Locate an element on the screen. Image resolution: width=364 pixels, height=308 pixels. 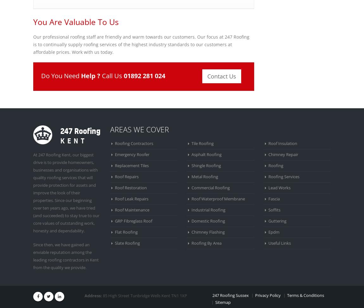
'Since then, we have gained an enviable reputation among the leading roofing contractors in Kent from the quality we provide.' is located at coordinates (33, 256).